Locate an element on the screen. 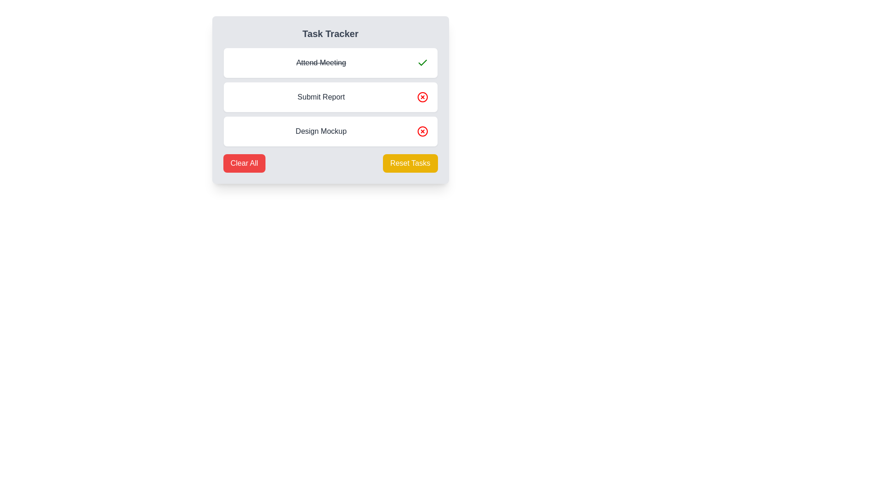  the circular red cross icon button located to the right of the 'Submit Report' text in the second item of the vertically-stacked list is located at coordinates (422, 97).